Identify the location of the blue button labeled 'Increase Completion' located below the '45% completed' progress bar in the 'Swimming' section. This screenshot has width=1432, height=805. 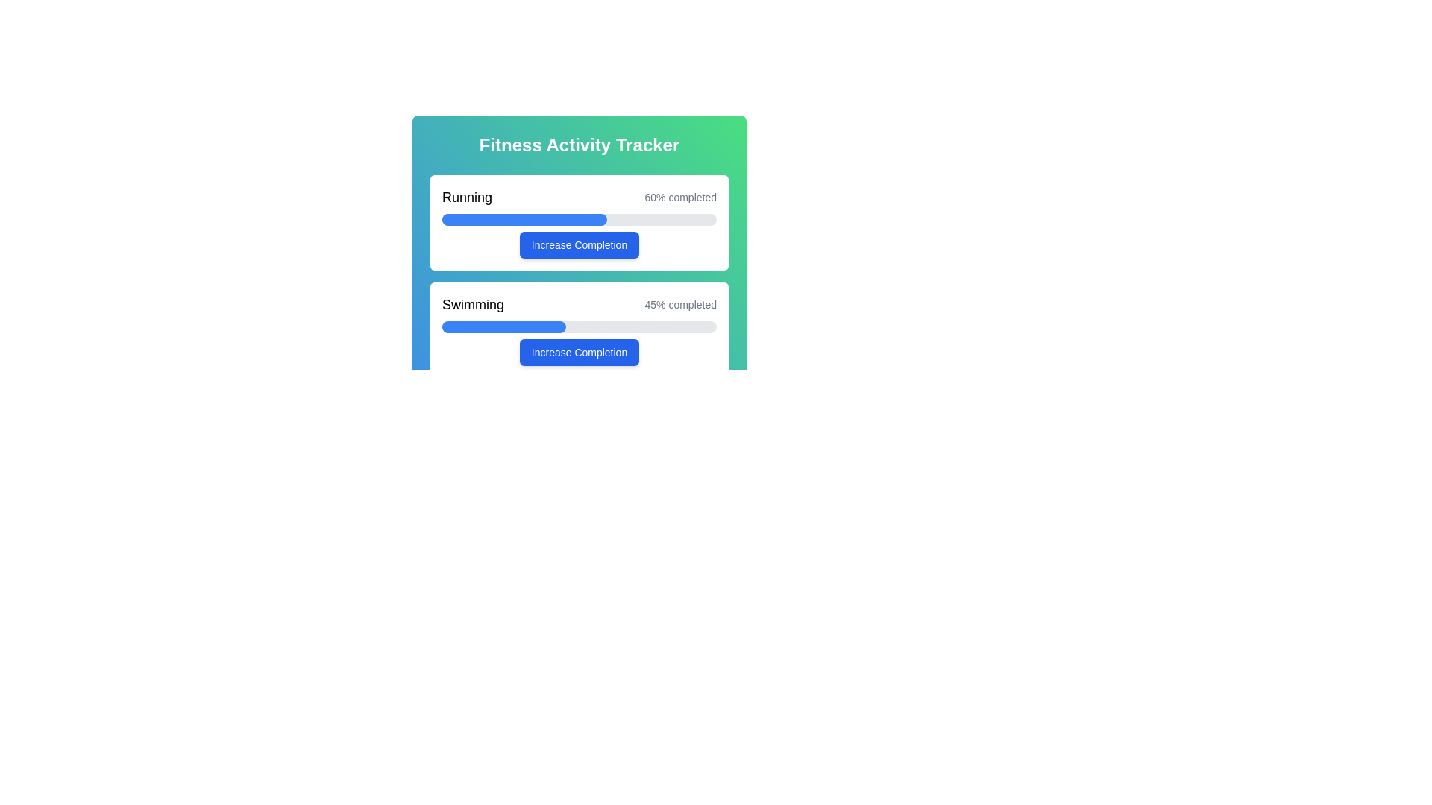
(579, 353).